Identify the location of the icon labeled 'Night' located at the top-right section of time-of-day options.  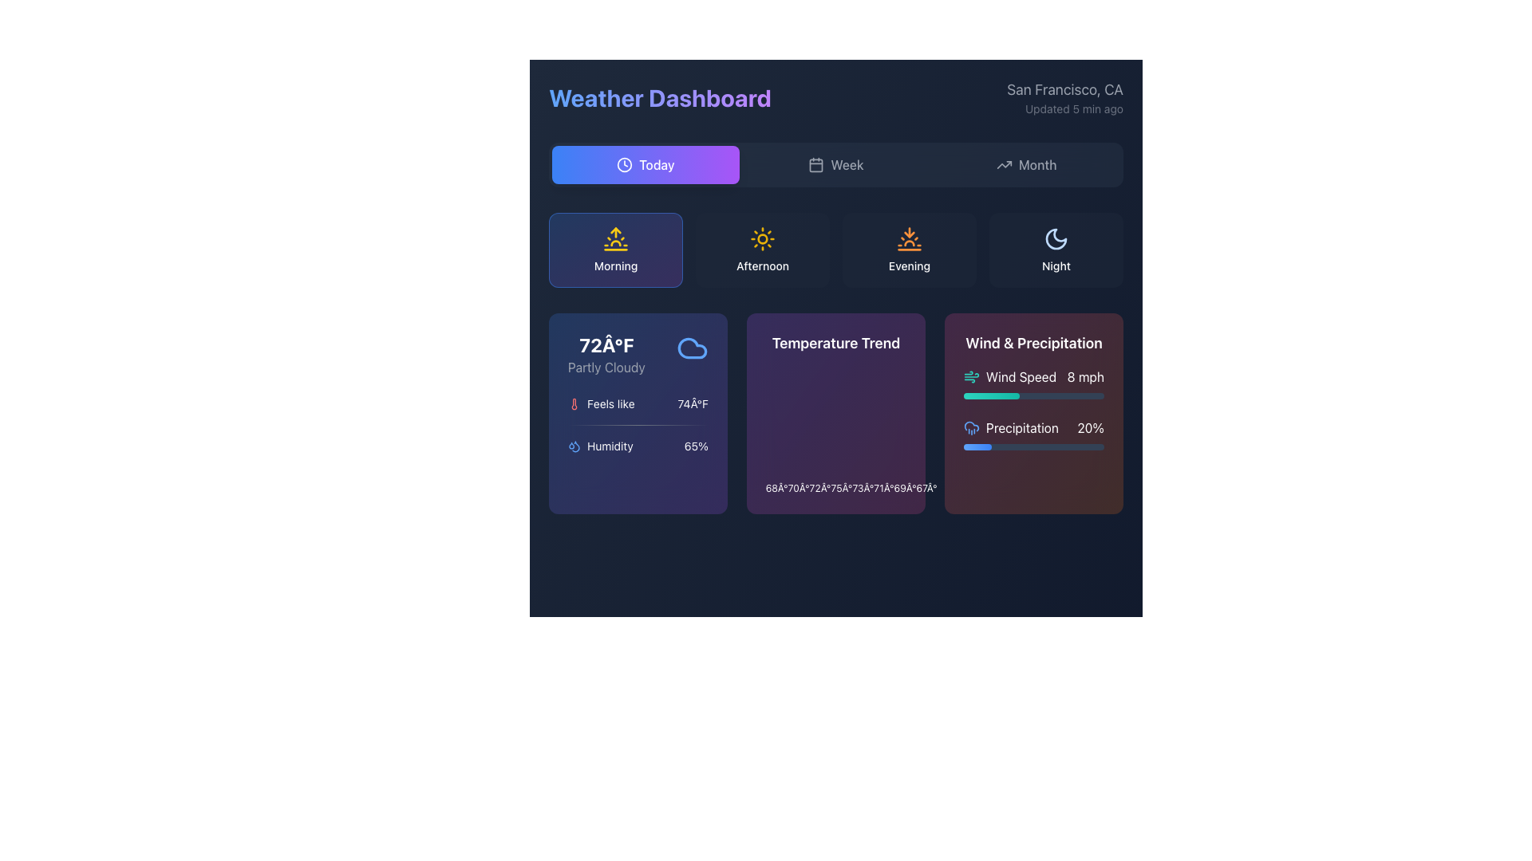
(1056, 250).